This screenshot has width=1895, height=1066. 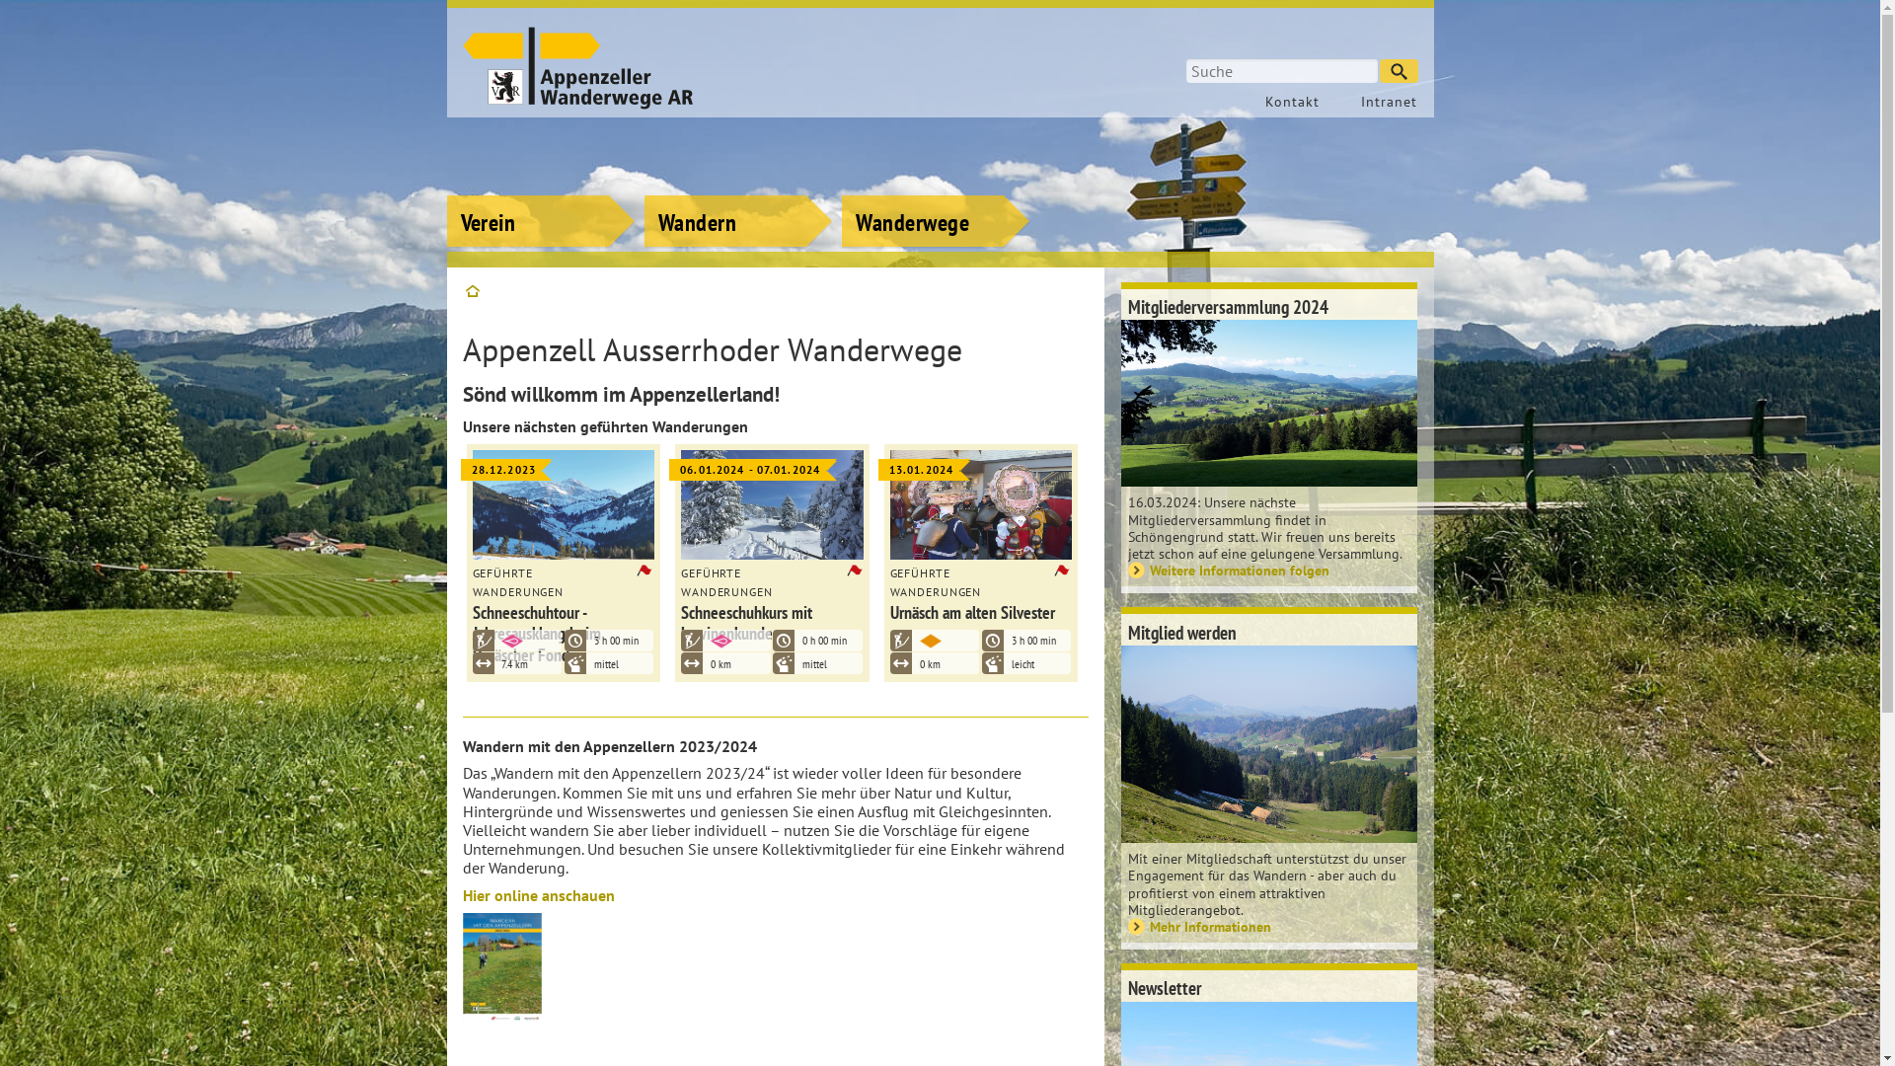 I want to click on 'Mehr Informationen', so click(x=1269, y=926).